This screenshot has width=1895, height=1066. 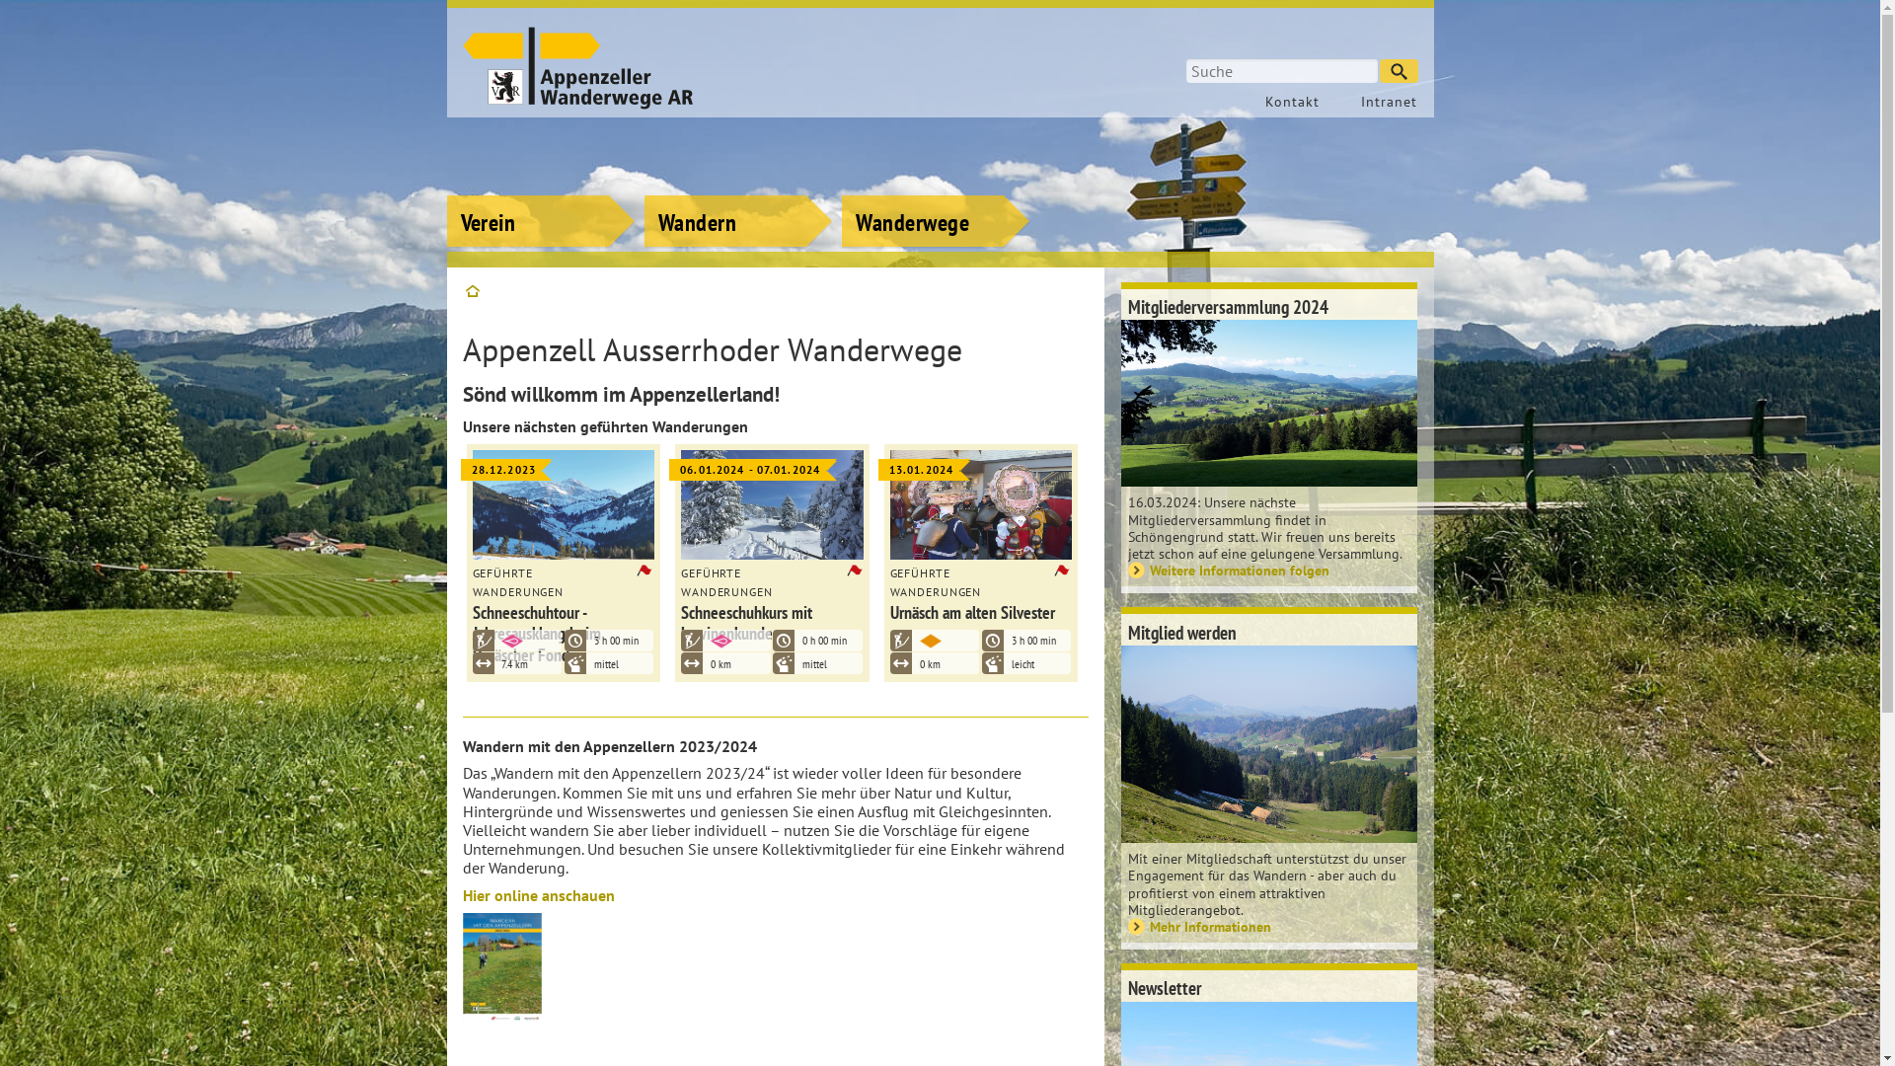 I want to click on 'Mehr Informationen', so click(x=1269, y=926).